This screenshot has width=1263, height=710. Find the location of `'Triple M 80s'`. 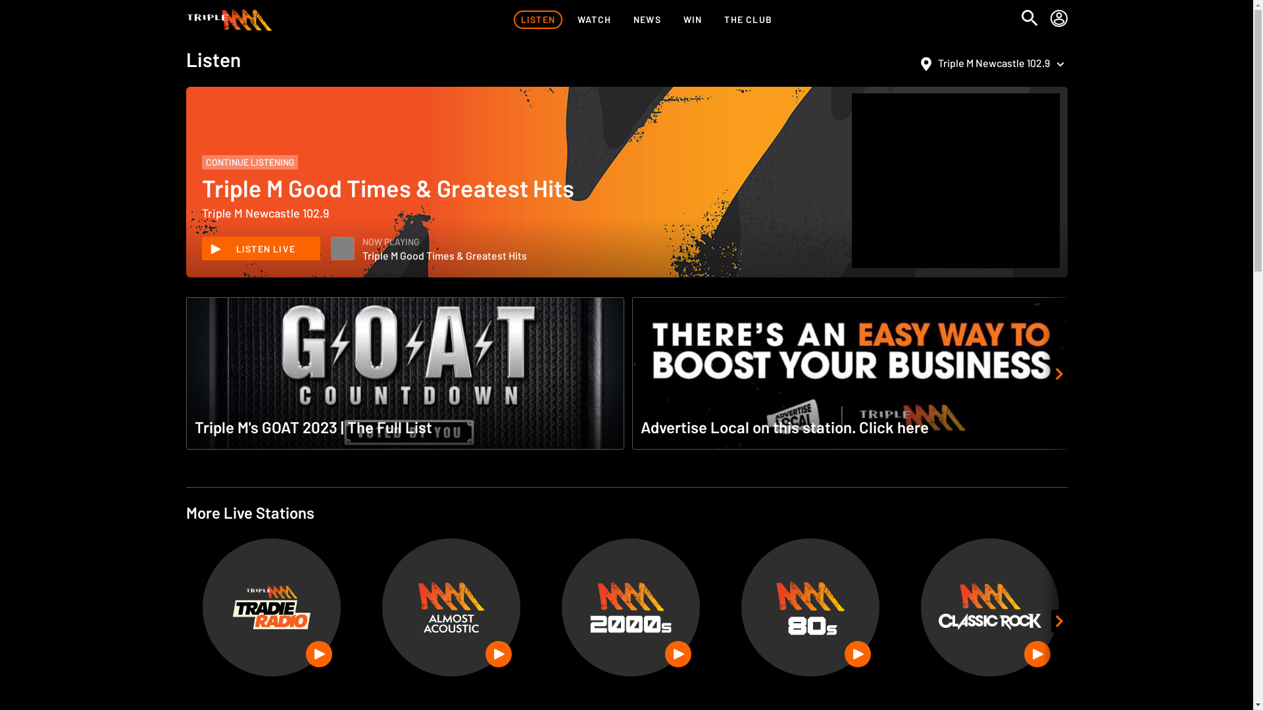

'Triple M 80s' is located at coordinates (810, 607).